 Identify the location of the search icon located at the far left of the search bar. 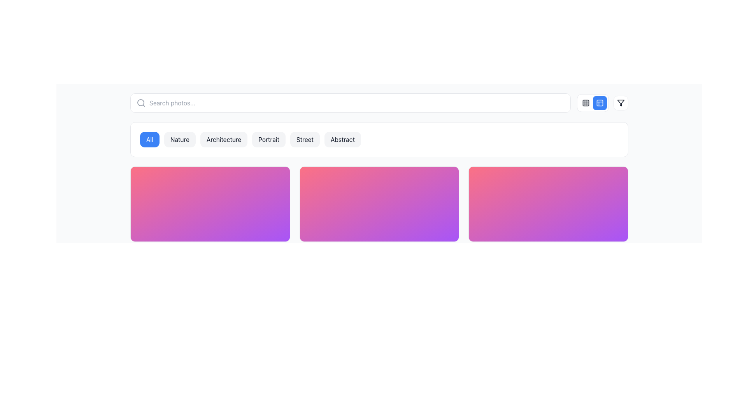
(141, 103).